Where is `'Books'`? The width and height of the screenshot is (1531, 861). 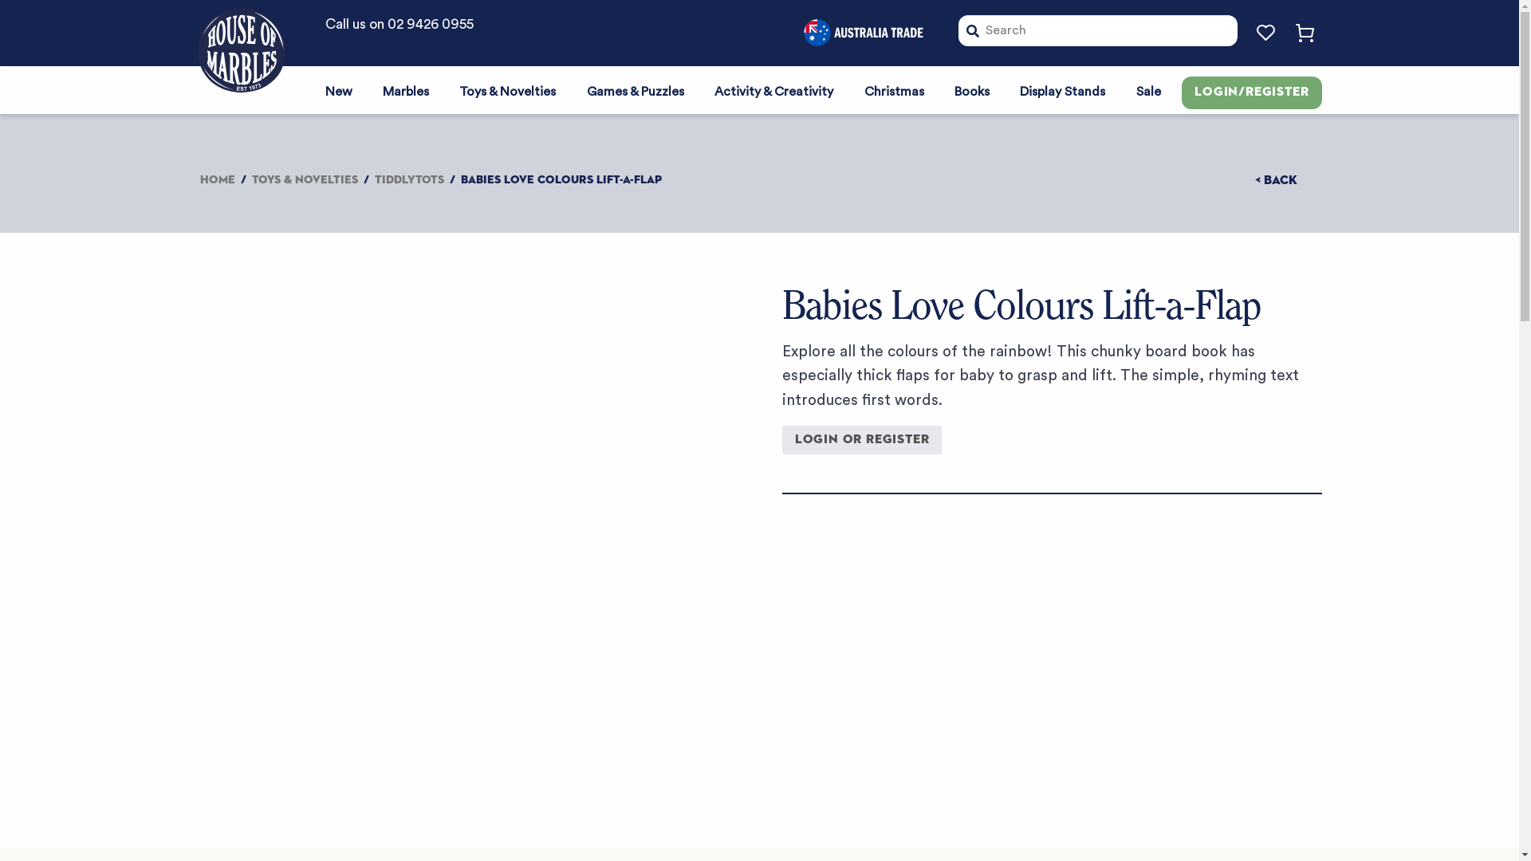 'Books' is located at coordinates (971, 89).